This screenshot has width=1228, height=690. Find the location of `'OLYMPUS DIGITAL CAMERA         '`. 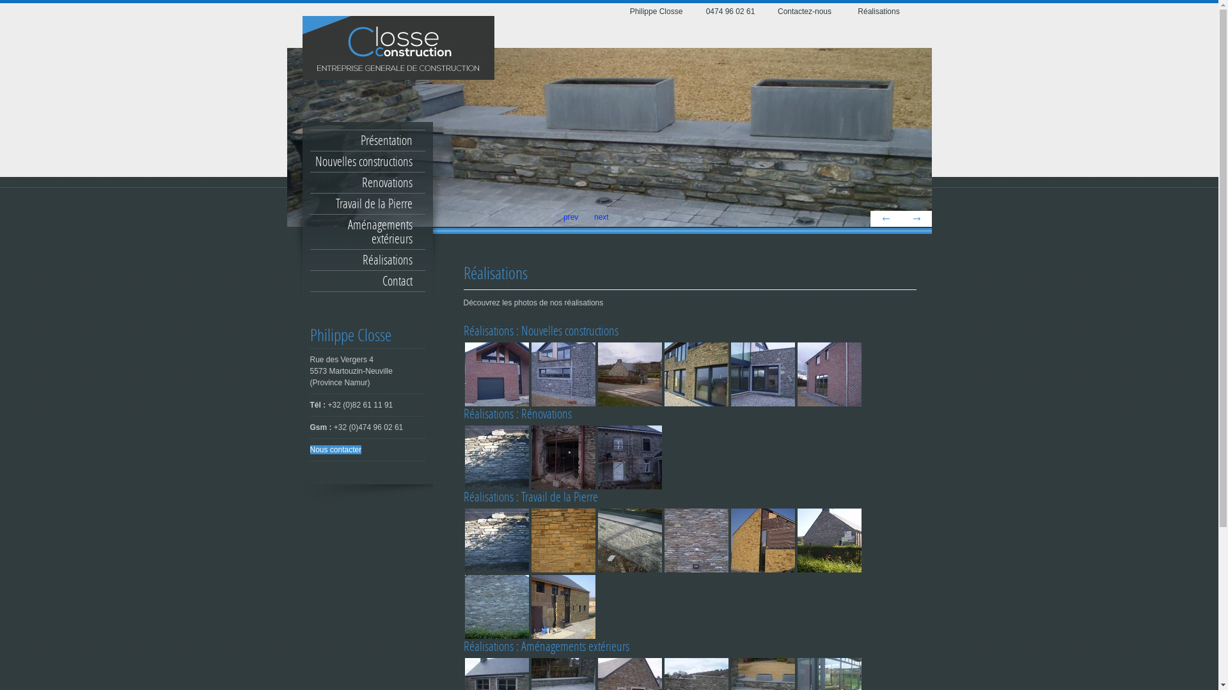

'OLYMPUS DIGITAL CAMERA         ' is located at coordinates (695, 540).